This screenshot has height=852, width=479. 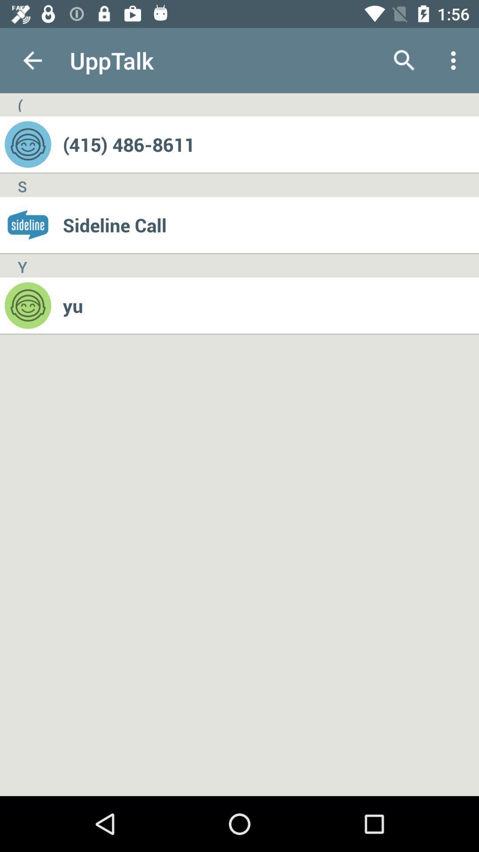 What do you see at coordinates (32, 60) in the screenshot?
I see `the icon to the left of upptalk icon` at bounding box center [32, 60].